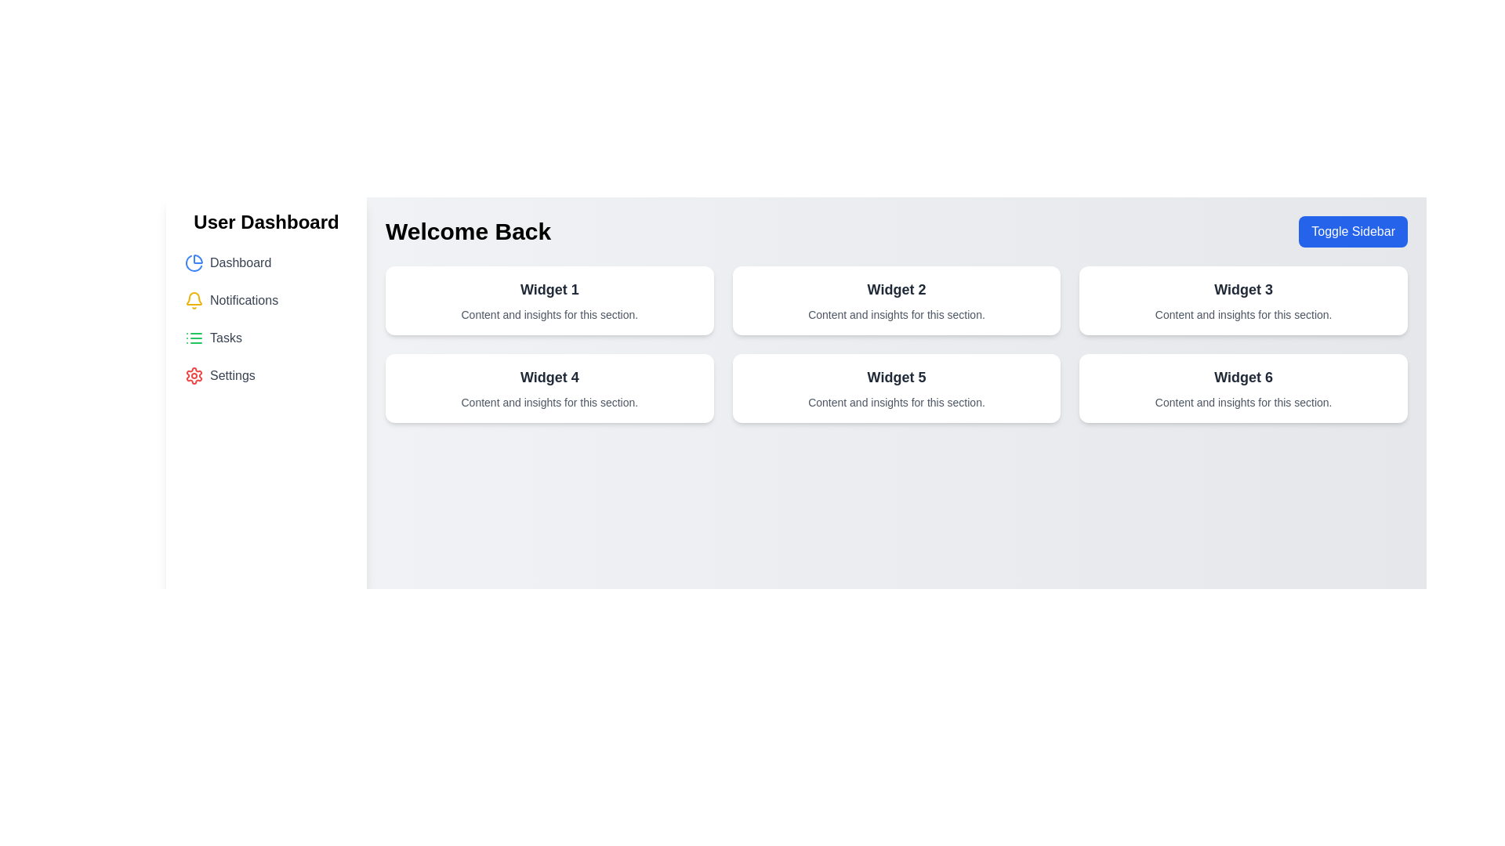 The width and height of the screenshot is (1505, 846). Describe the element at coordinates (267, 375) in the screenshot. I see `the fourth item in the vertical navigation menu under 'User Dashboard'` at that location.